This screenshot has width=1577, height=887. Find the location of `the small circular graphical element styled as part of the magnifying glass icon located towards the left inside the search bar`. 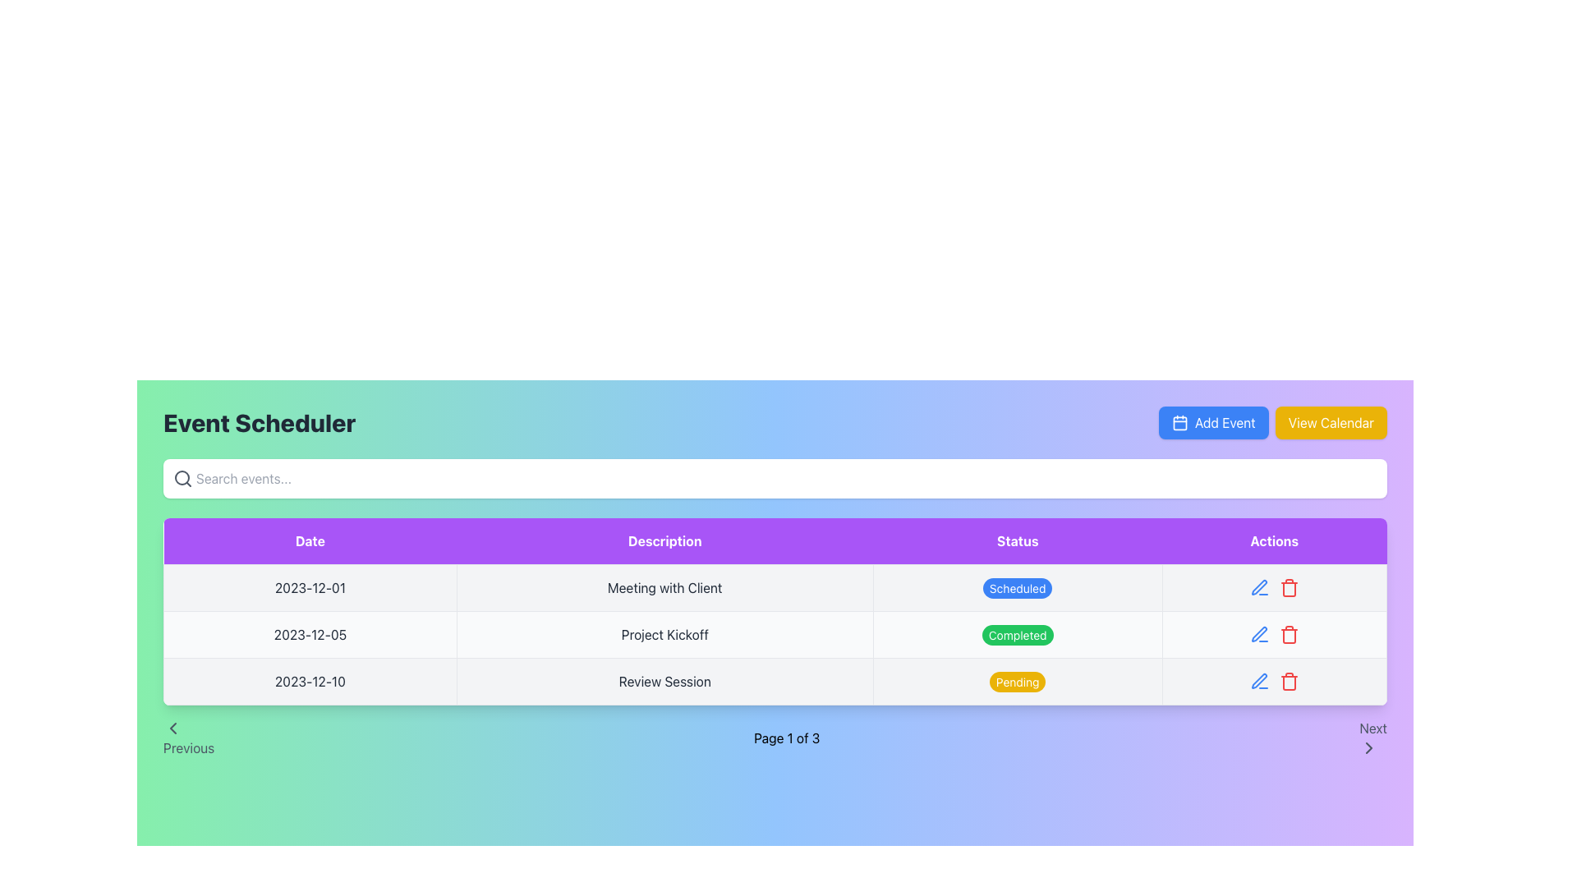

the small circular graphical element styled as part of the magnifying glass icon located towards the left inside the search bar is located at coordinates (182, 478).